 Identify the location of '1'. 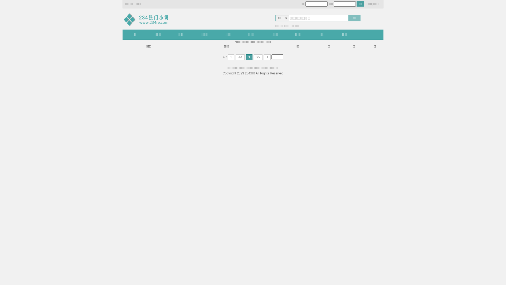
(267, 57).